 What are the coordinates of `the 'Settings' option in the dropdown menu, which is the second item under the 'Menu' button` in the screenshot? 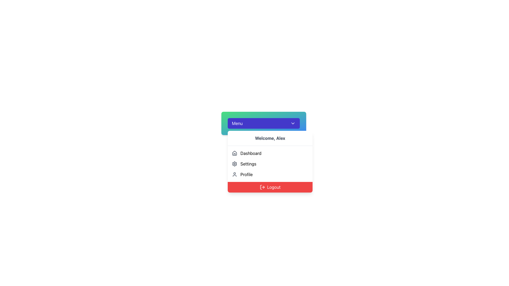 It's located at (270, 161).